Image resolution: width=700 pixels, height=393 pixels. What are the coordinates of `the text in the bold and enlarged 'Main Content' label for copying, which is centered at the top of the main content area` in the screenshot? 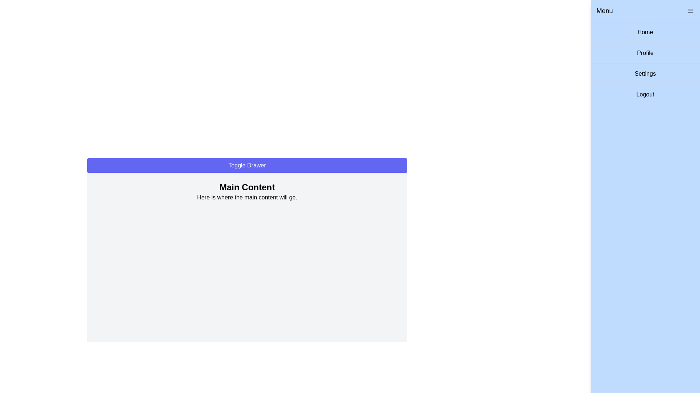 It's located at (247, 187).